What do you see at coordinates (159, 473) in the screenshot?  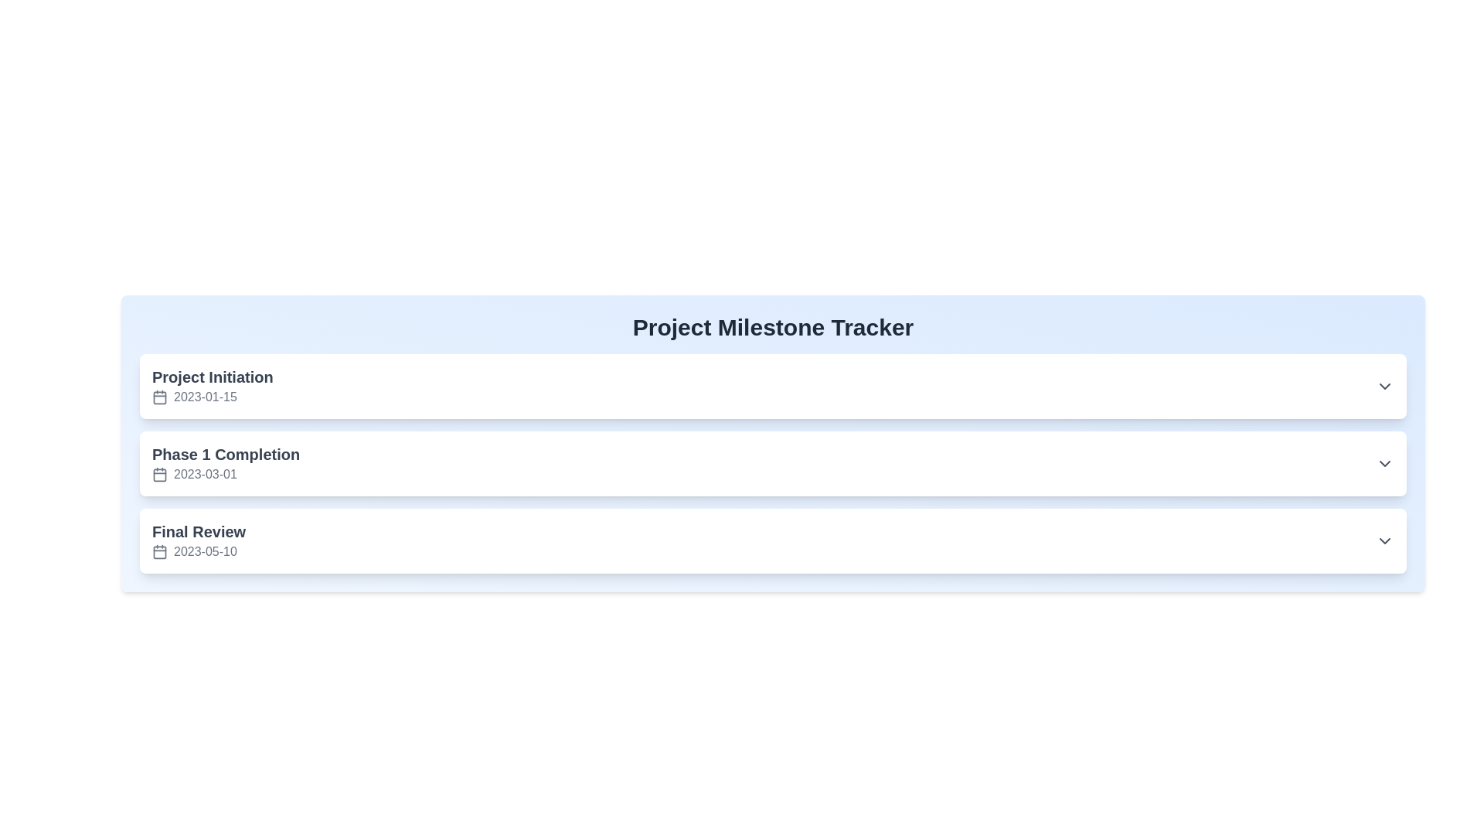 I see `calendar icon located to the left of the date text '2023-03-01' in the 'Phase 1 Completion' block` at bounding box center [159, 473].